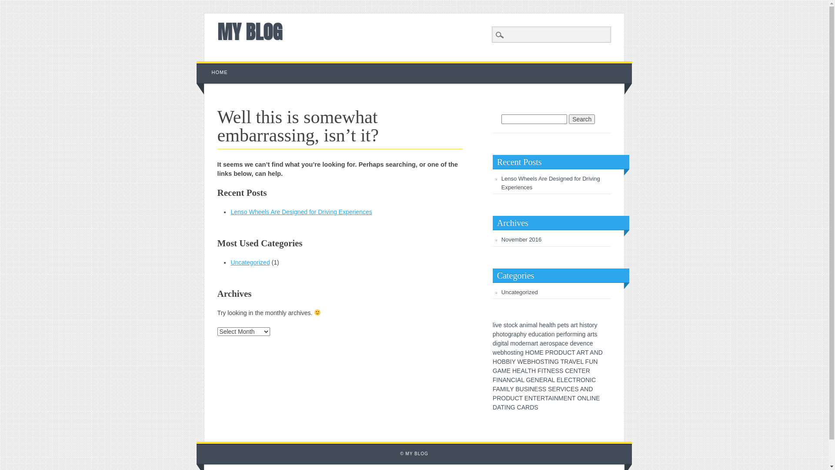 This screenshot has width=835, height=470. Describe the element at coordinates (519, 398) in the screenshot. I see `'T'` at that location.